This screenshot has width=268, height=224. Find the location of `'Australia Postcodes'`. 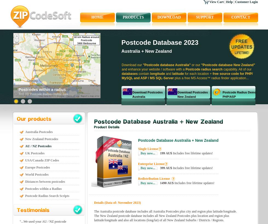

'Australia Postcodes' is located at coordinates (39, 132).